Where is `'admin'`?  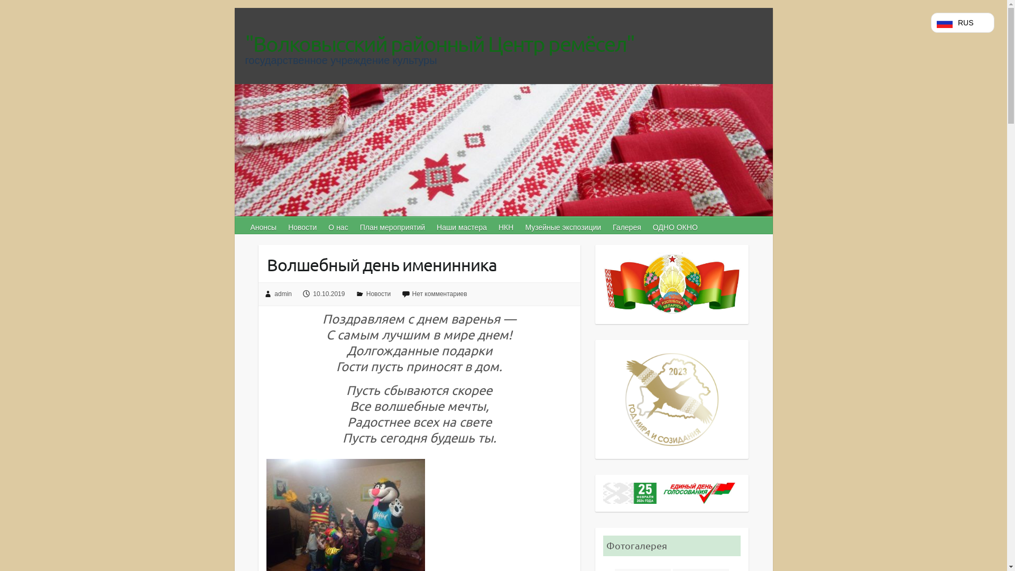
'admin' is located at coordinates (283, 293).